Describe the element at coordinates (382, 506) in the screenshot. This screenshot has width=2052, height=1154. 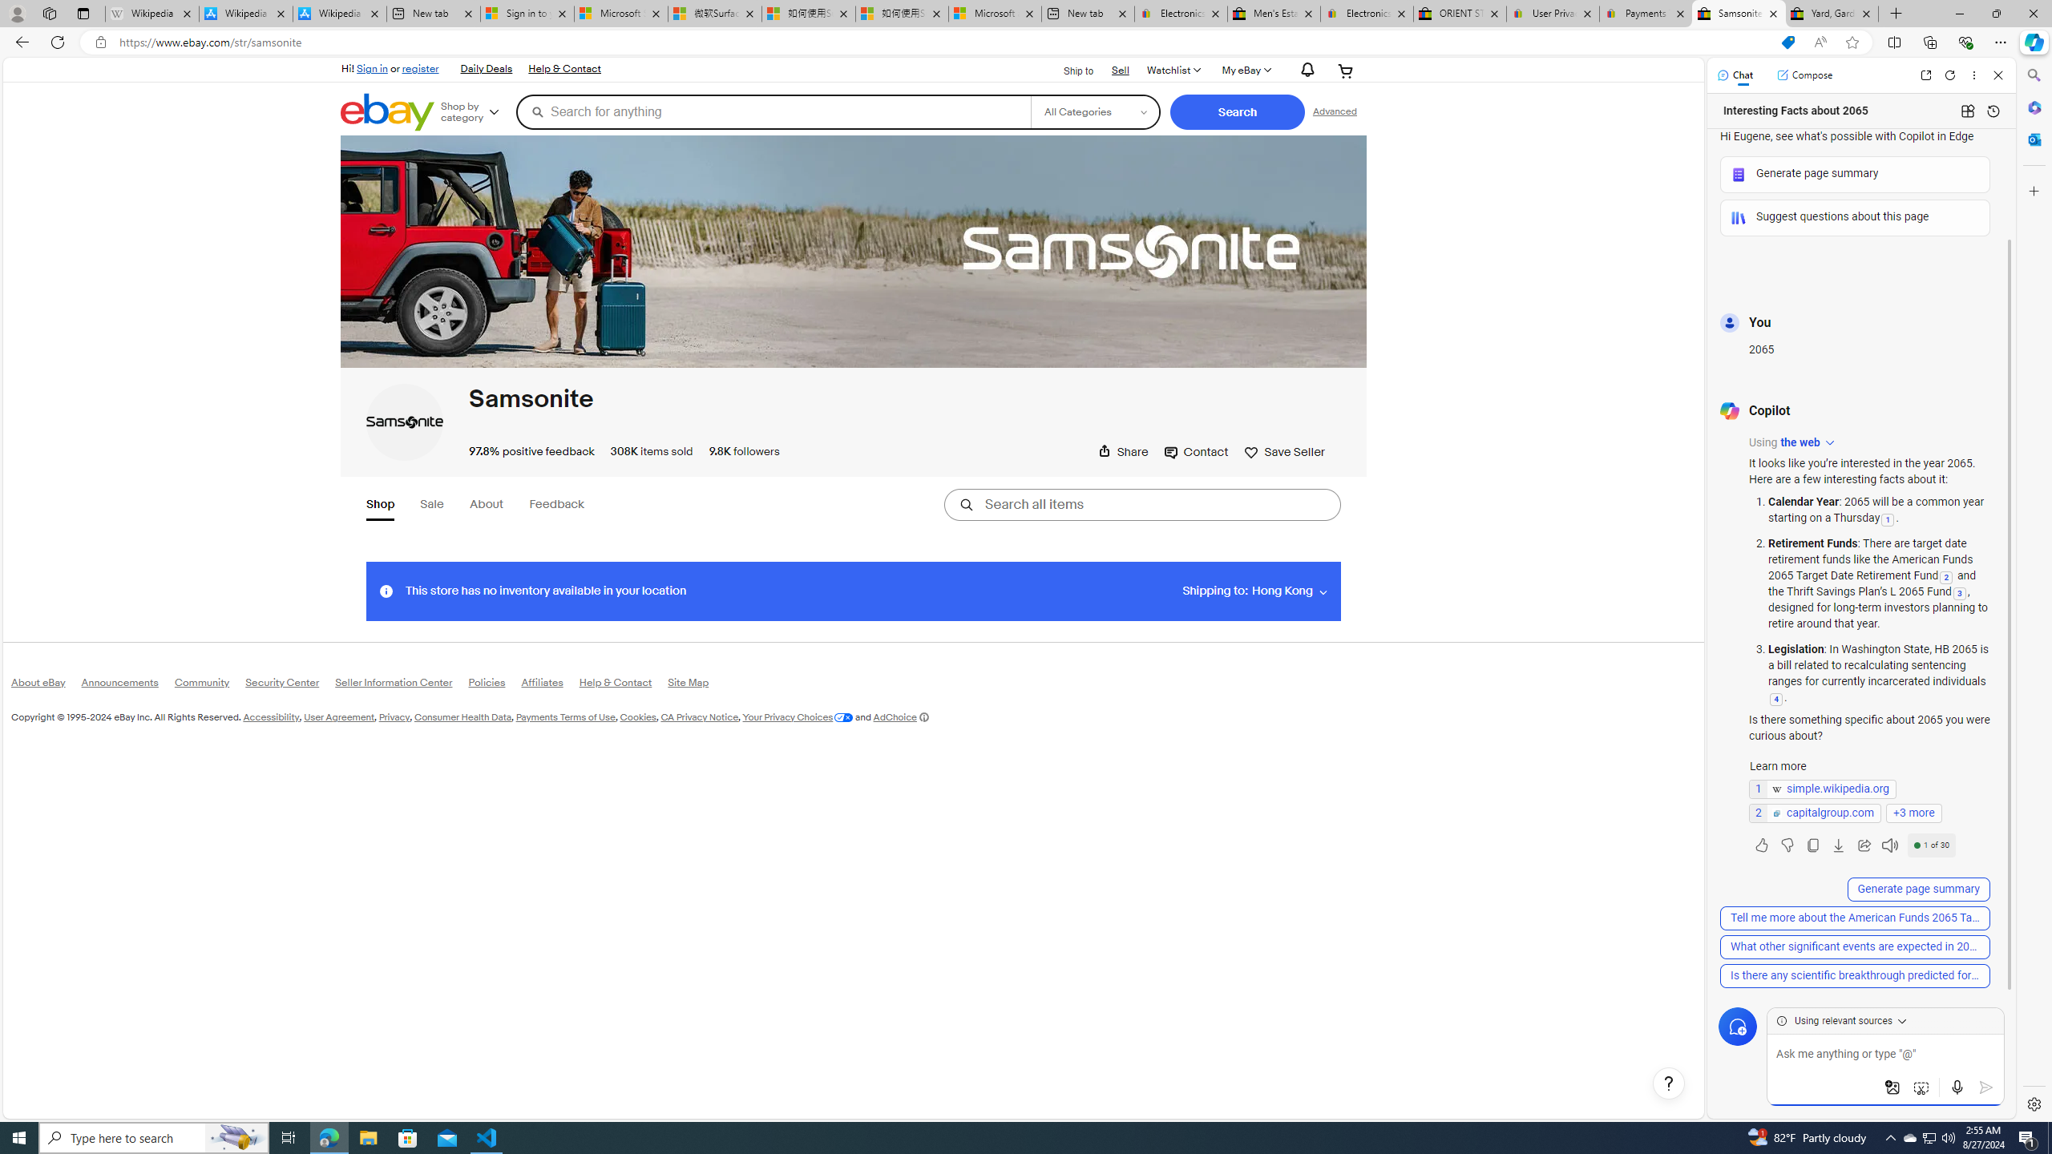
I see `'Shop'` at that location.